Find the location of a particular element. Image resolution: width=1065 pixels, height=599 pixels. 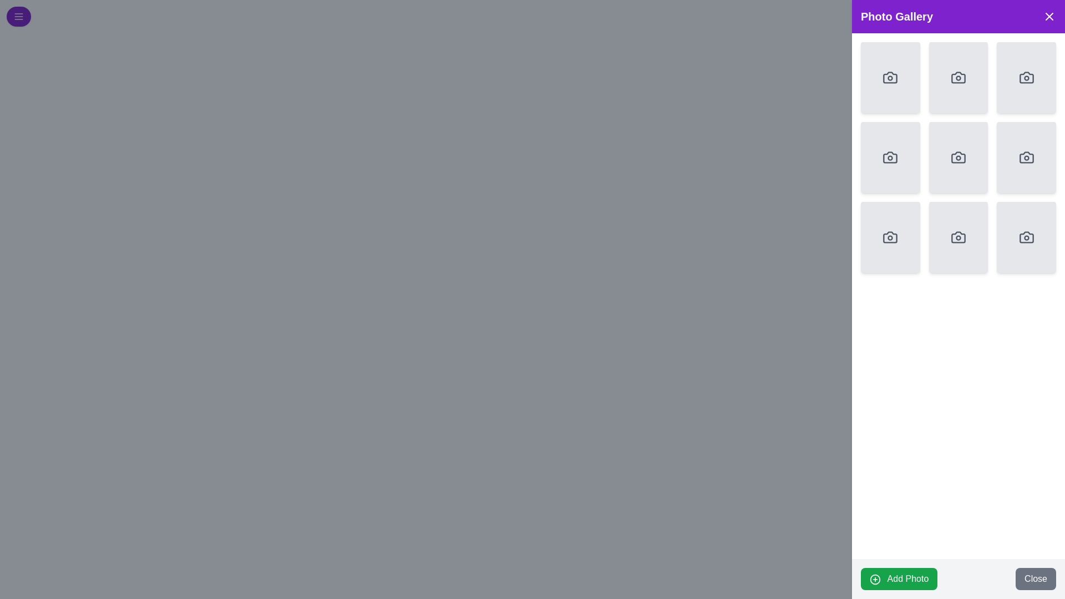

the camera icon located in the second row and third column of the grid layout in the photo gallery interface is located at coordinates (890, 158).